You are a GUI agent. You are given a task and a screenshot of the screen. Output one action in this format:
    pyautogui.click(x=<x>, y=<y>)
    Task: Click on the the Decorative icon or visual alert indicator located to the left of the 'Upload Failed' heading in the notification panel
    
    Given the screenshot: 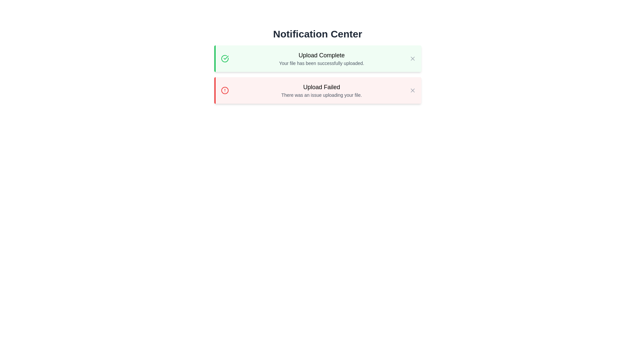 What is the action you would take?
    pyautogui.click(x=225, y=90)
    